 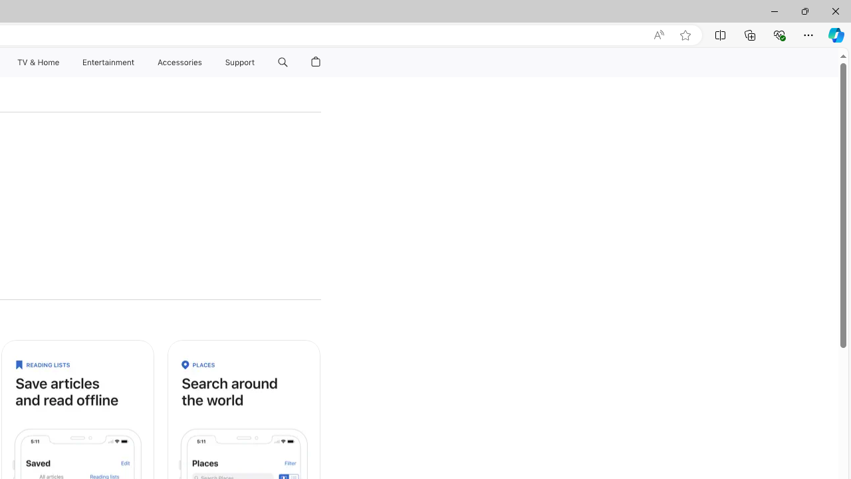 What do you see at coordinates (179, 62) in the screenshot?
I see `'Accessories'` at bounding box center [179, 62].